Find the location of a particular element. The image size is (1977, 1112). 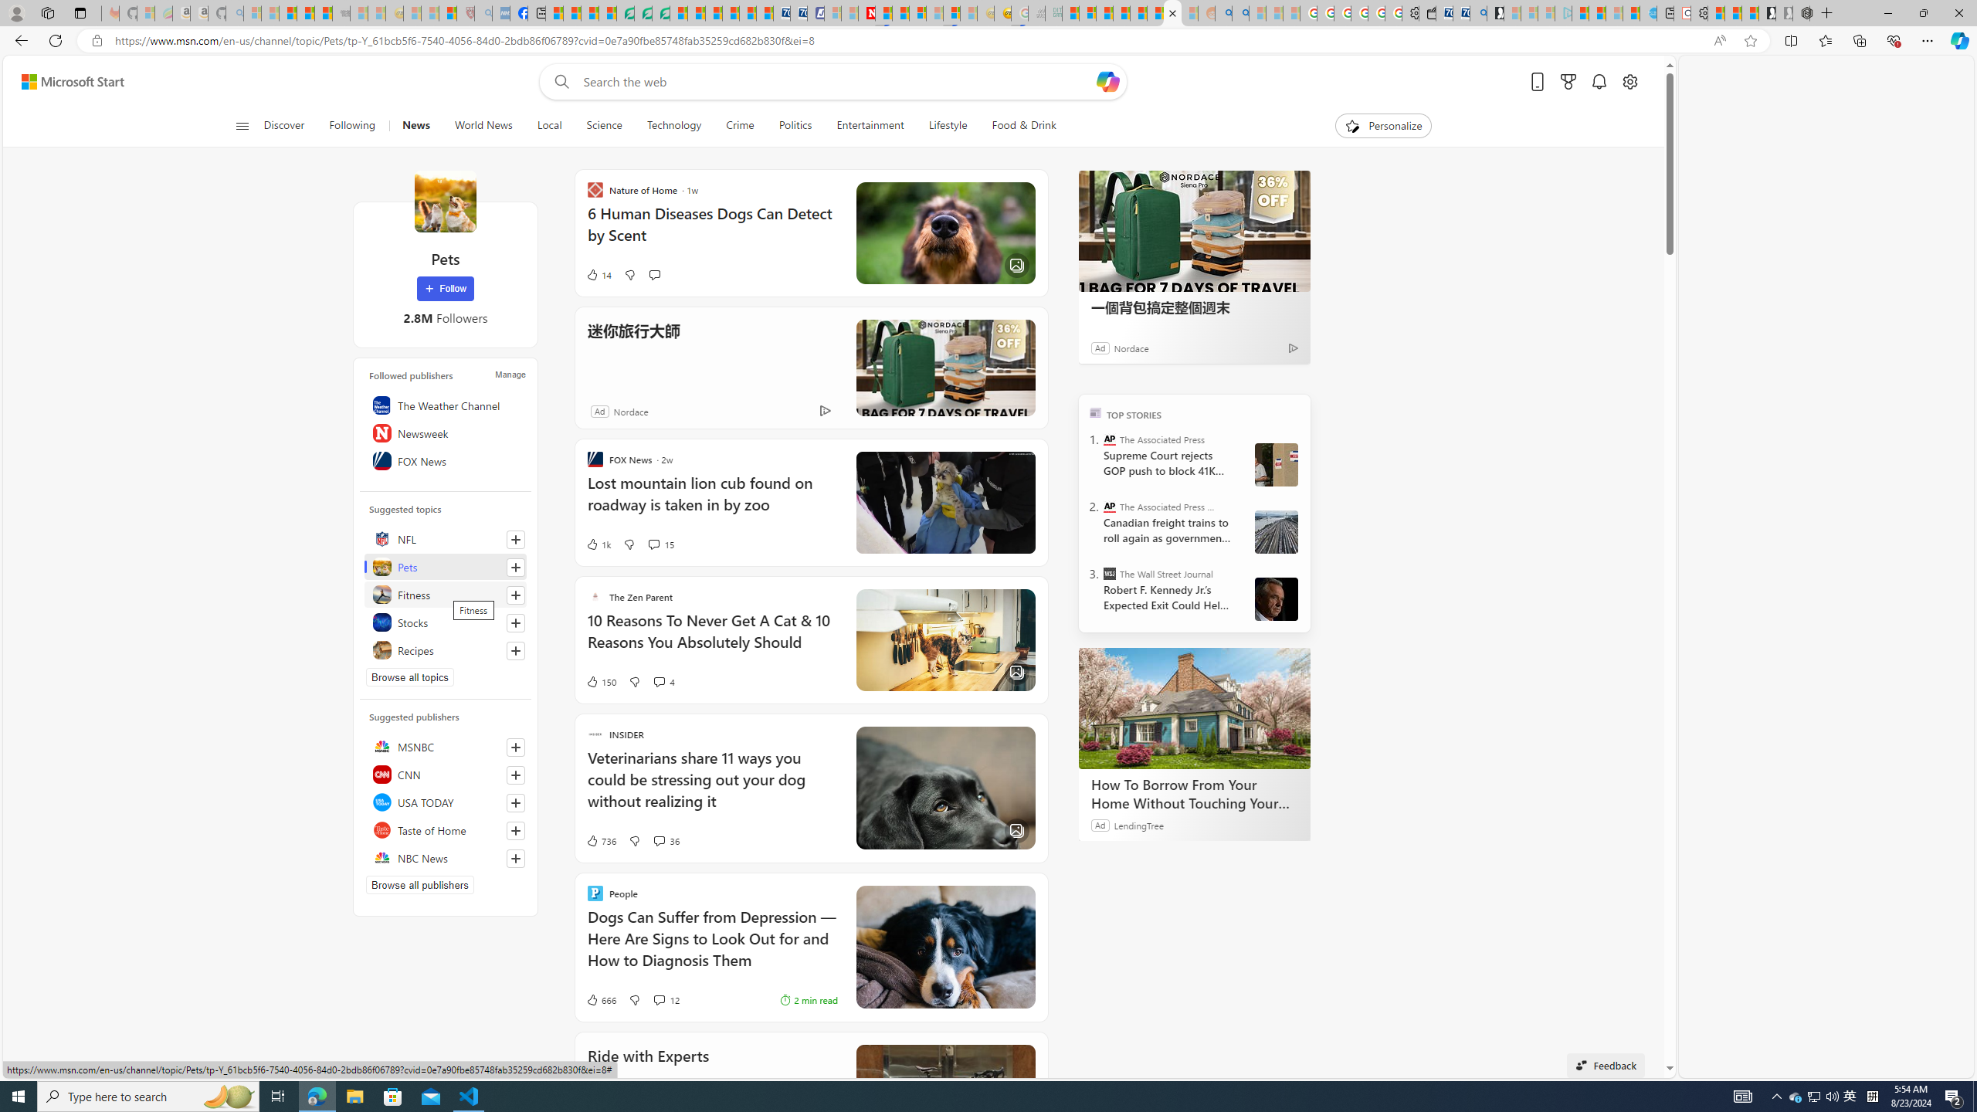

'Follow this topic' is located at coordinates (516, 650).